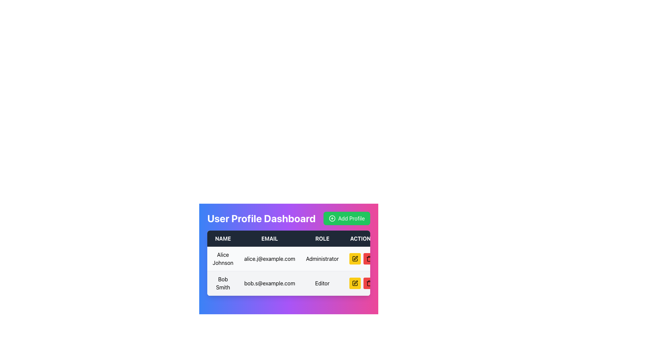  I want to click on the small yellow pen icon within the yellow action button in the 'ACTION' column of the user profile dashboard for user 'Bob Smith' to initiate editing, so click(355, 282).